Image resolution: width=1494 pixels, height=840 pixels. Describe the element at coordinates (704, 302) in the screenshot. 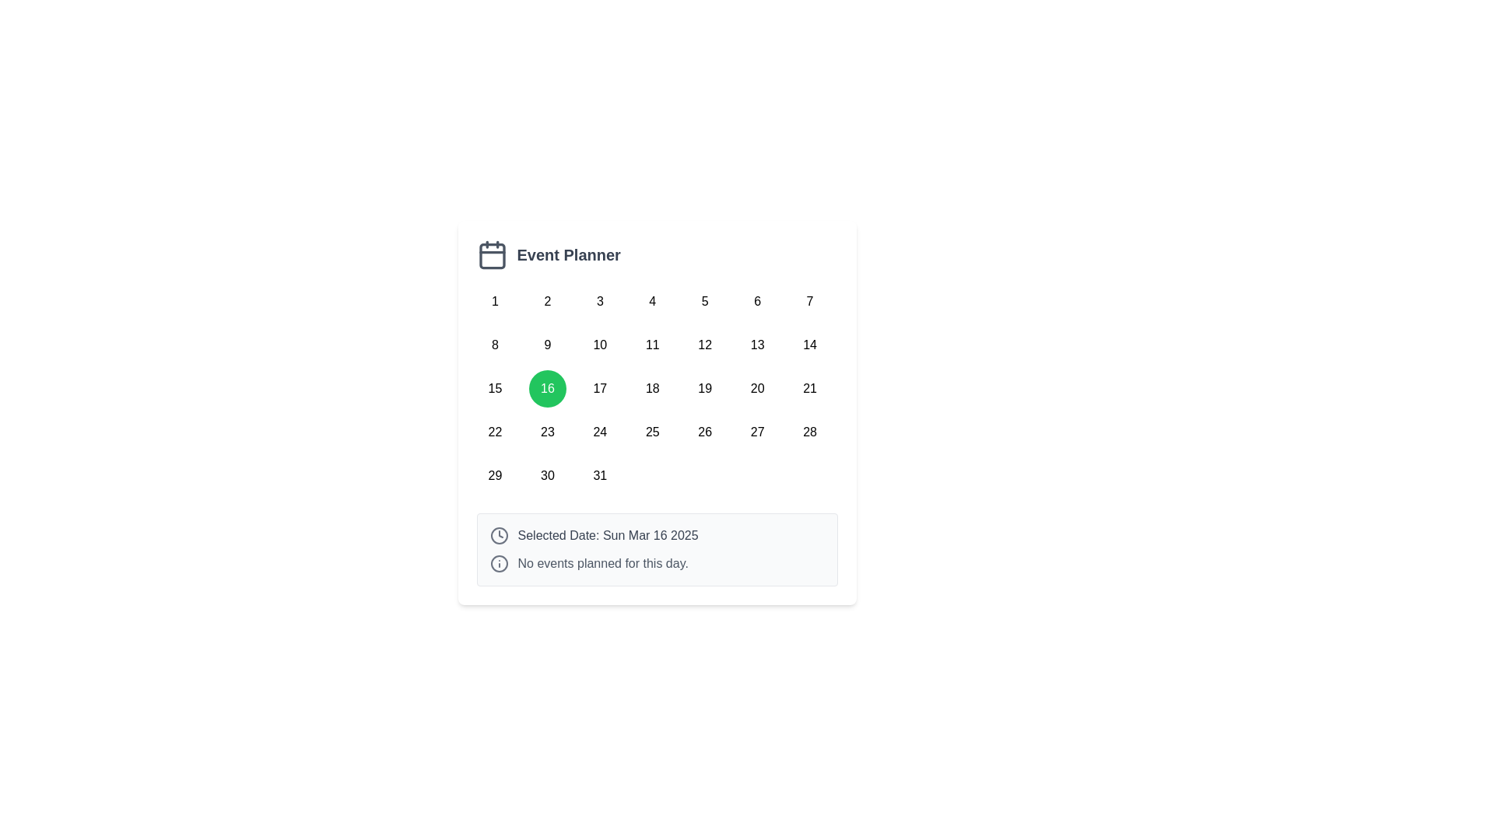

I see `the button representing the 5th day of the current month in the calendar interface, located in the first row and fifth column of the grid layout` at that location.